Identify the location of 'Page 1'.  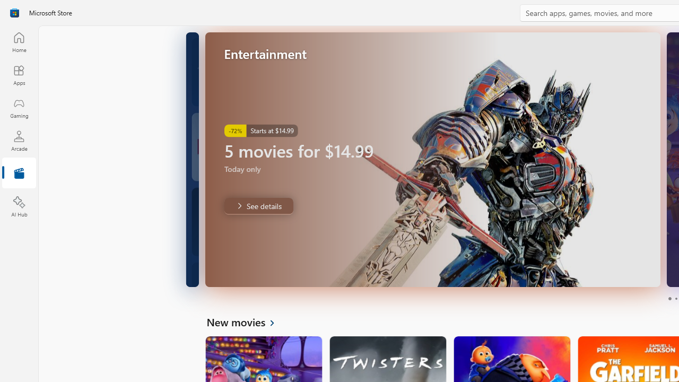
(669, 299).